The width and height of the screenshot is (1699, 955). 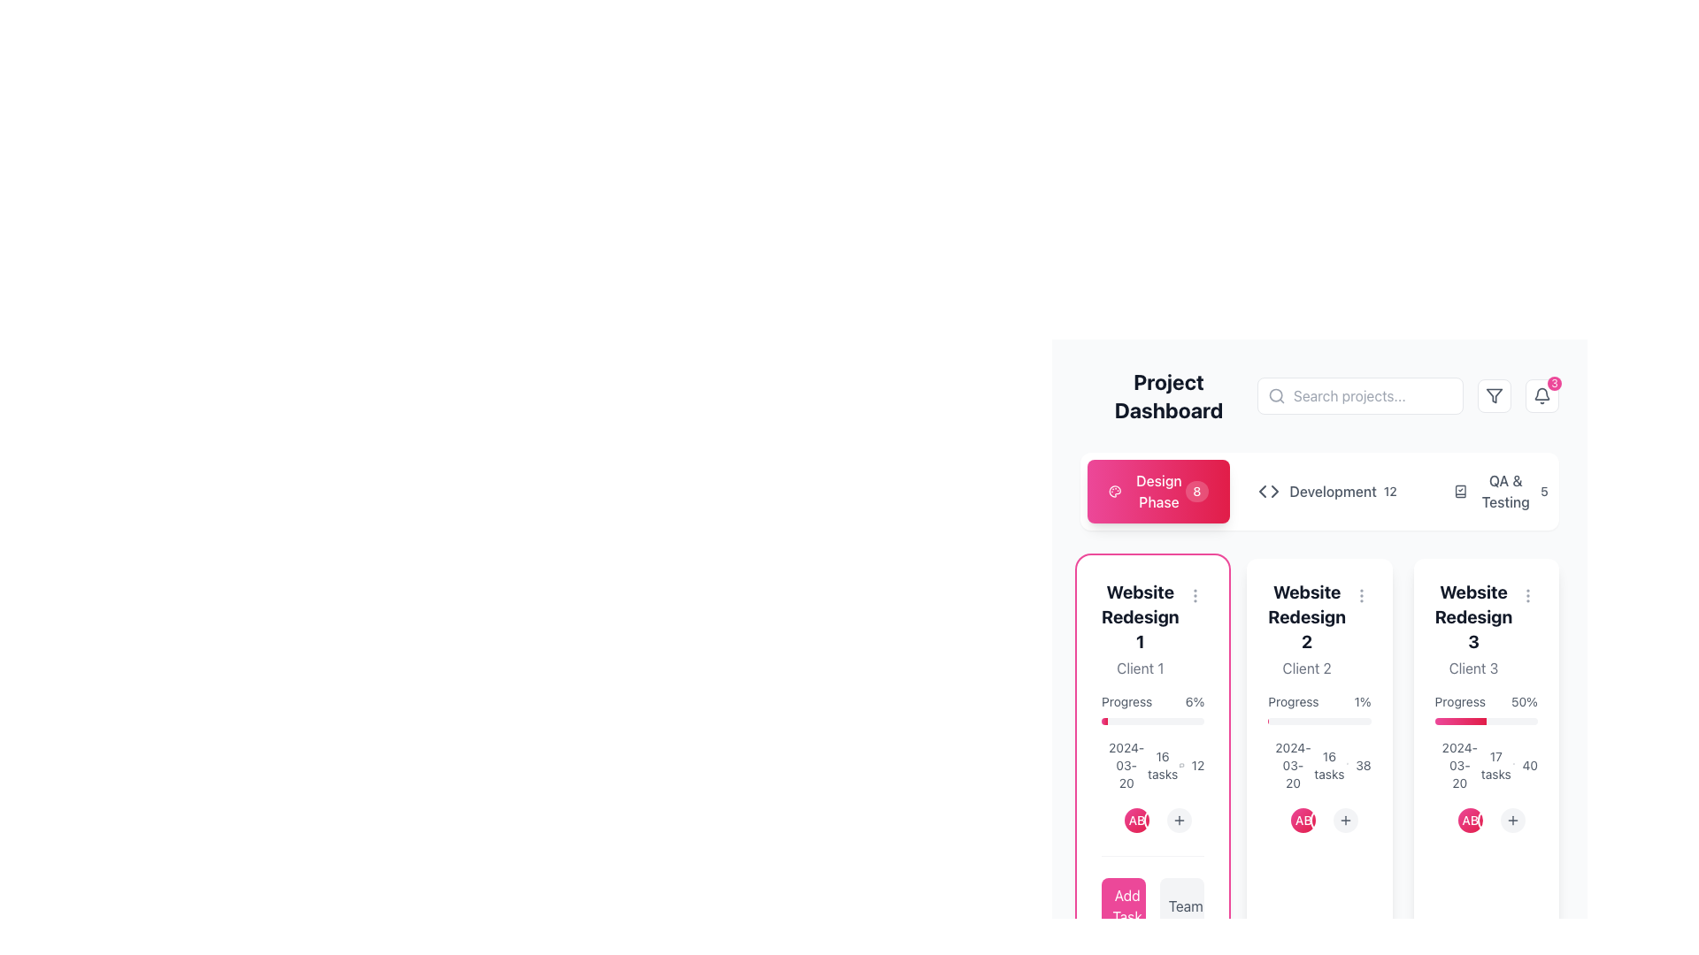 What do you see at coordinates (1140, 616) in the screenshot?
I see `the text label displaying 'Website Redesign 1', which is styled in bold, dark text and positioned at the top left of its card-like section` at bounding box center [1140, 616].